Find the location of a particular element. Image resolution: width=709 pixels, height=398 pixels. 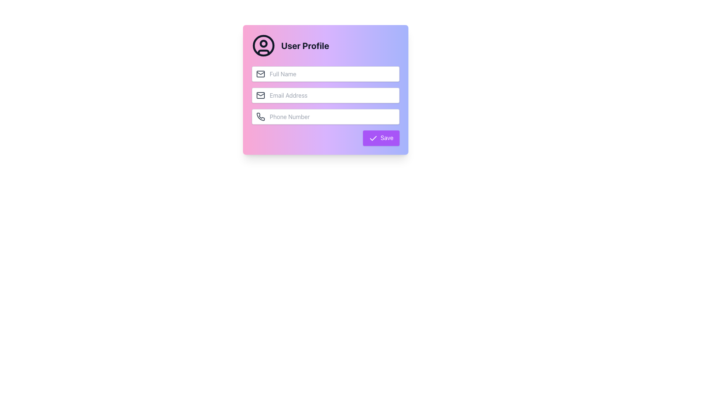

the phone icon in the 'User Profile' form, which is dark gray and located to the left of the 'Phone Number' input field is located at coordinates (260, 116).